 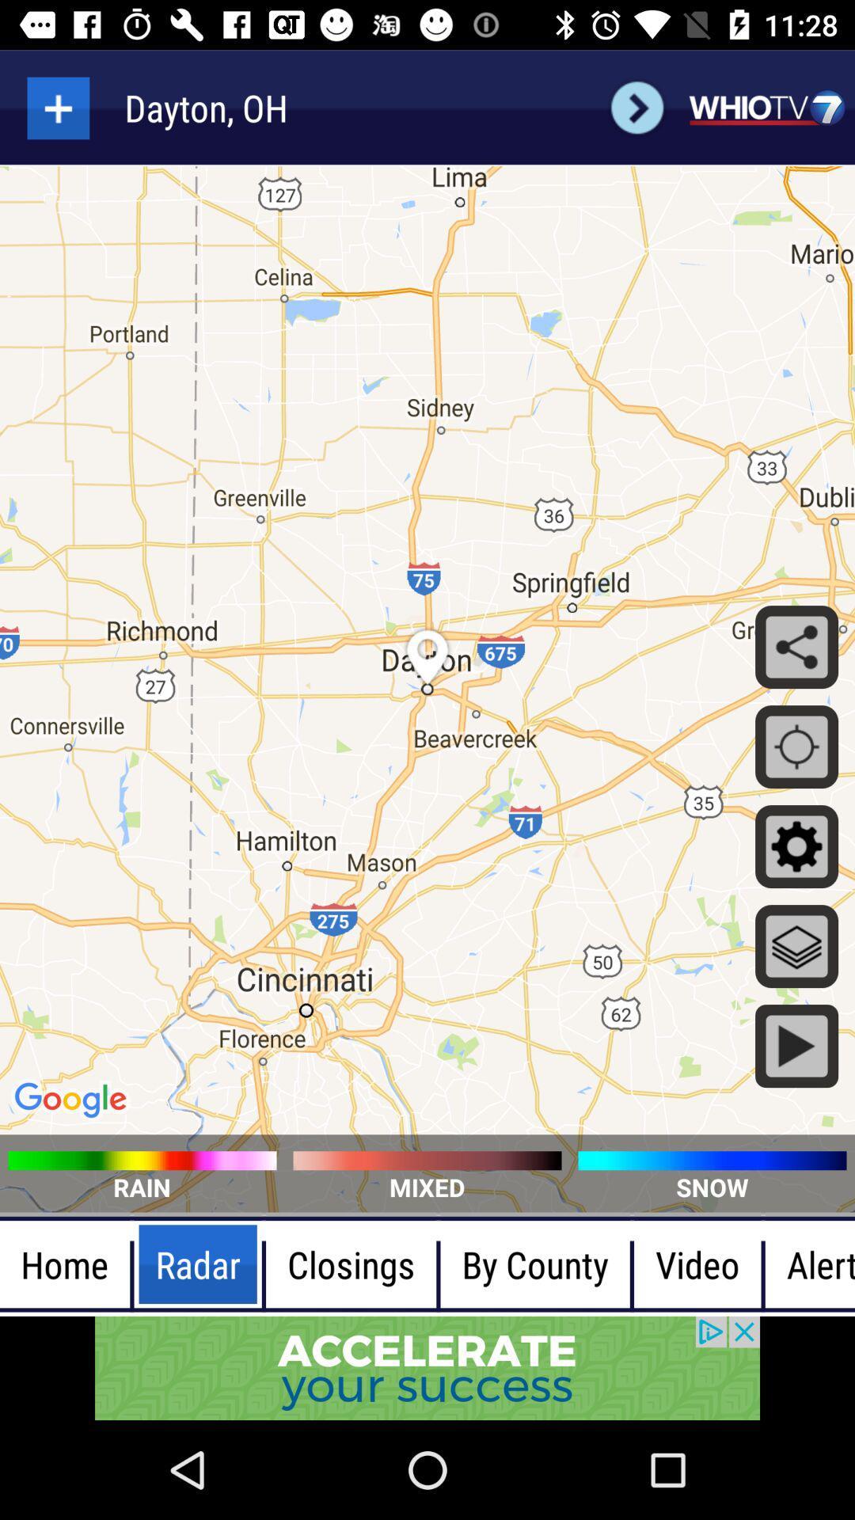 What do you see at coordinates (57, 107) in the screenshot?
I see `incerase` at bounding box center [57, 107].